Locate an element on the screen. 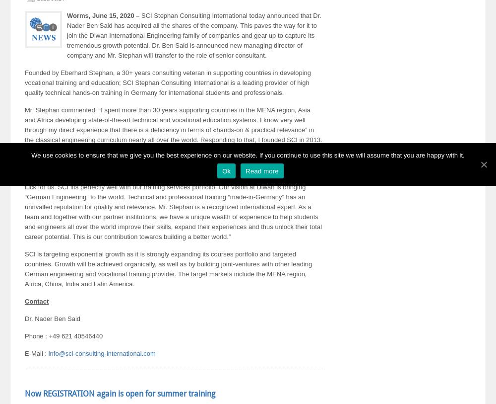 Image resolution: width=496 pixels, height=404 pixels. 'SCI Stephan Consulting International today announced that Dr. Nader Ben Said has acquired all the shares of the company. This paves the way for it to join the Diwan International Engineering family of companies and gear up to capture its tremendous growth potential. Dr. Ben Said is announced new managing director of company and Mr. Stephan will transfer to the role of senior consultant.' is located at coordinates (67, 35).